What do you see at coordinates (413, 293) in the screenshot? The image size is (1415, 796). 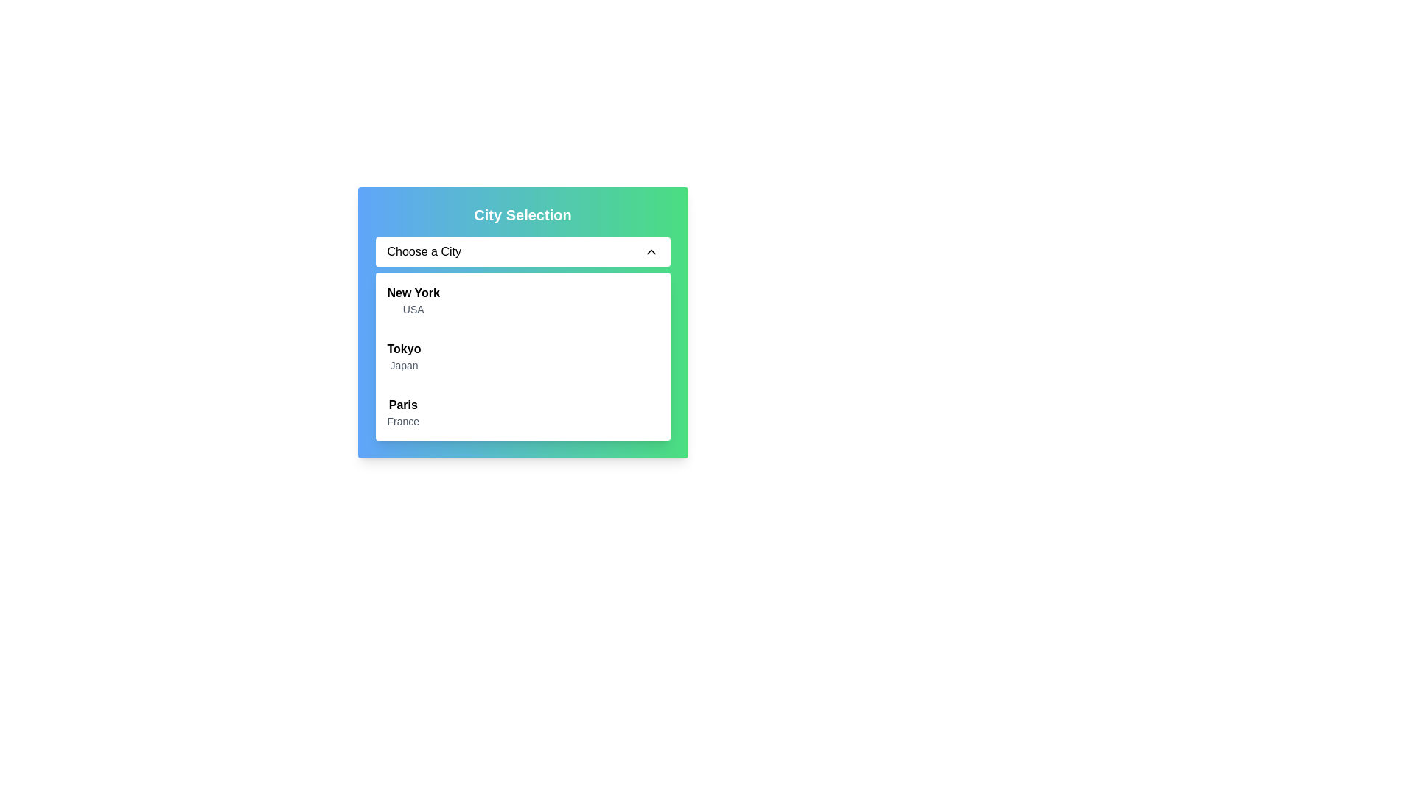 I see `the bold text label that reads 'New York' in the dropdown menu under 'Choose a City'` at bounding box center [413, 293].